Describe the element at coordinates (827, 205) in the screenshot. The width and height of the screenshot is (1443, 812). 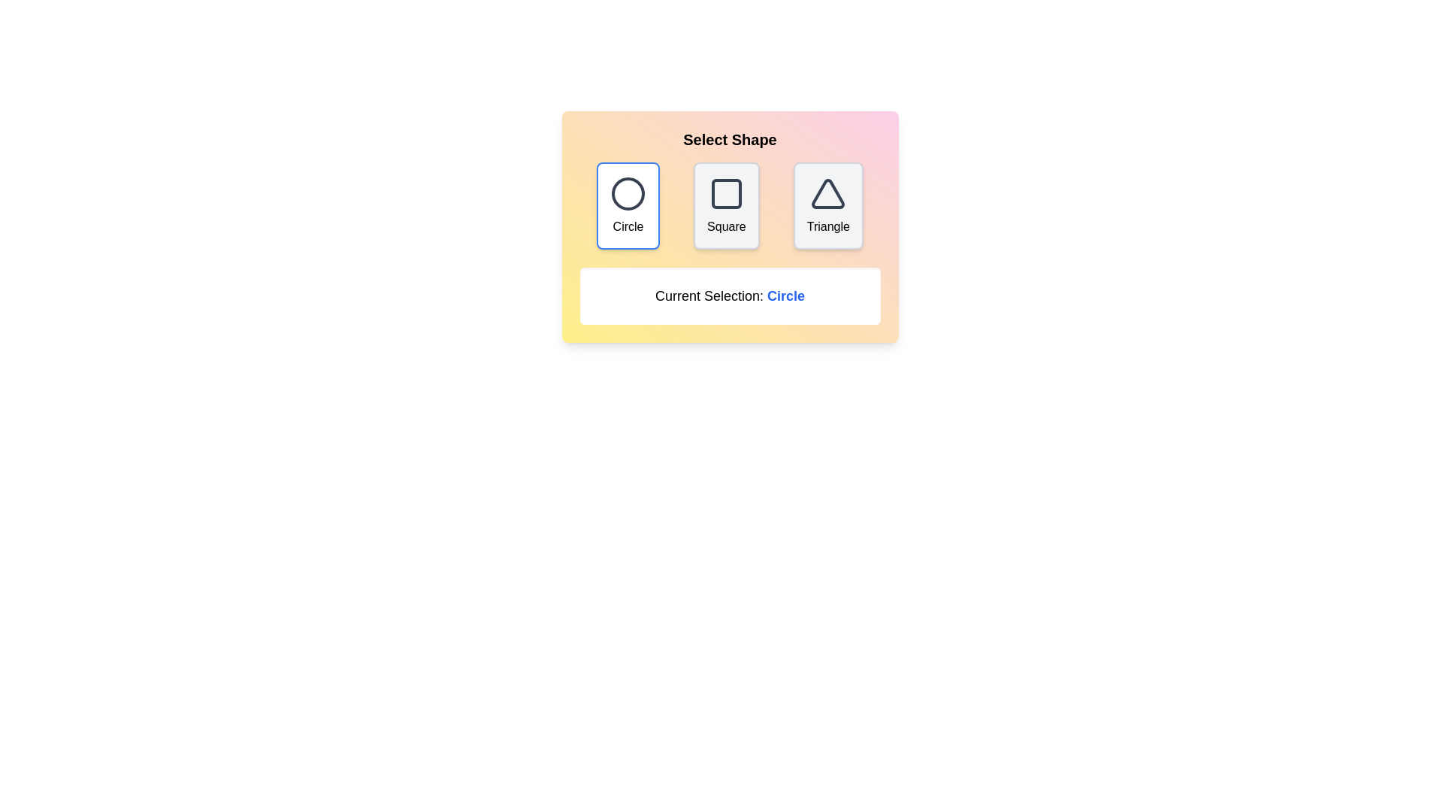
I see `the Triangle button to select the corresponding shape` at that location.